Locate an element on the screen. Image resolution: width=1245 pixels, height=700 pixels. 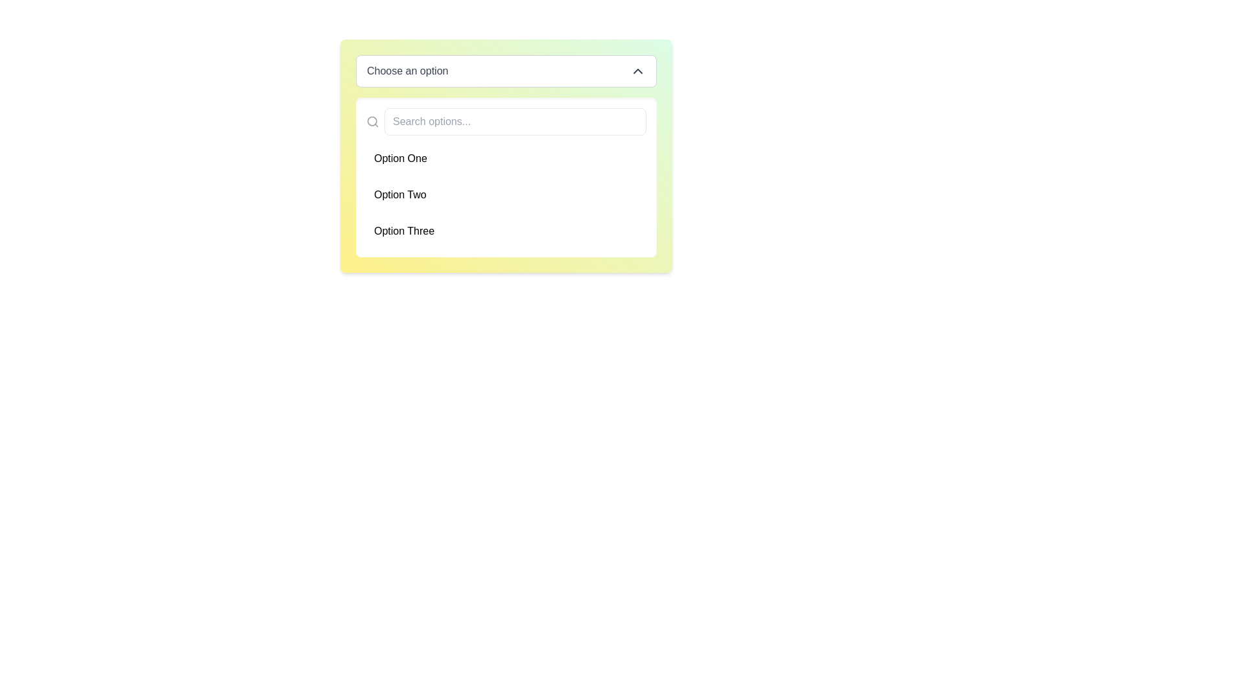
the second selectable option in the vertically stacked list labeled 'Option Two' is located at coordinates (506, 194).